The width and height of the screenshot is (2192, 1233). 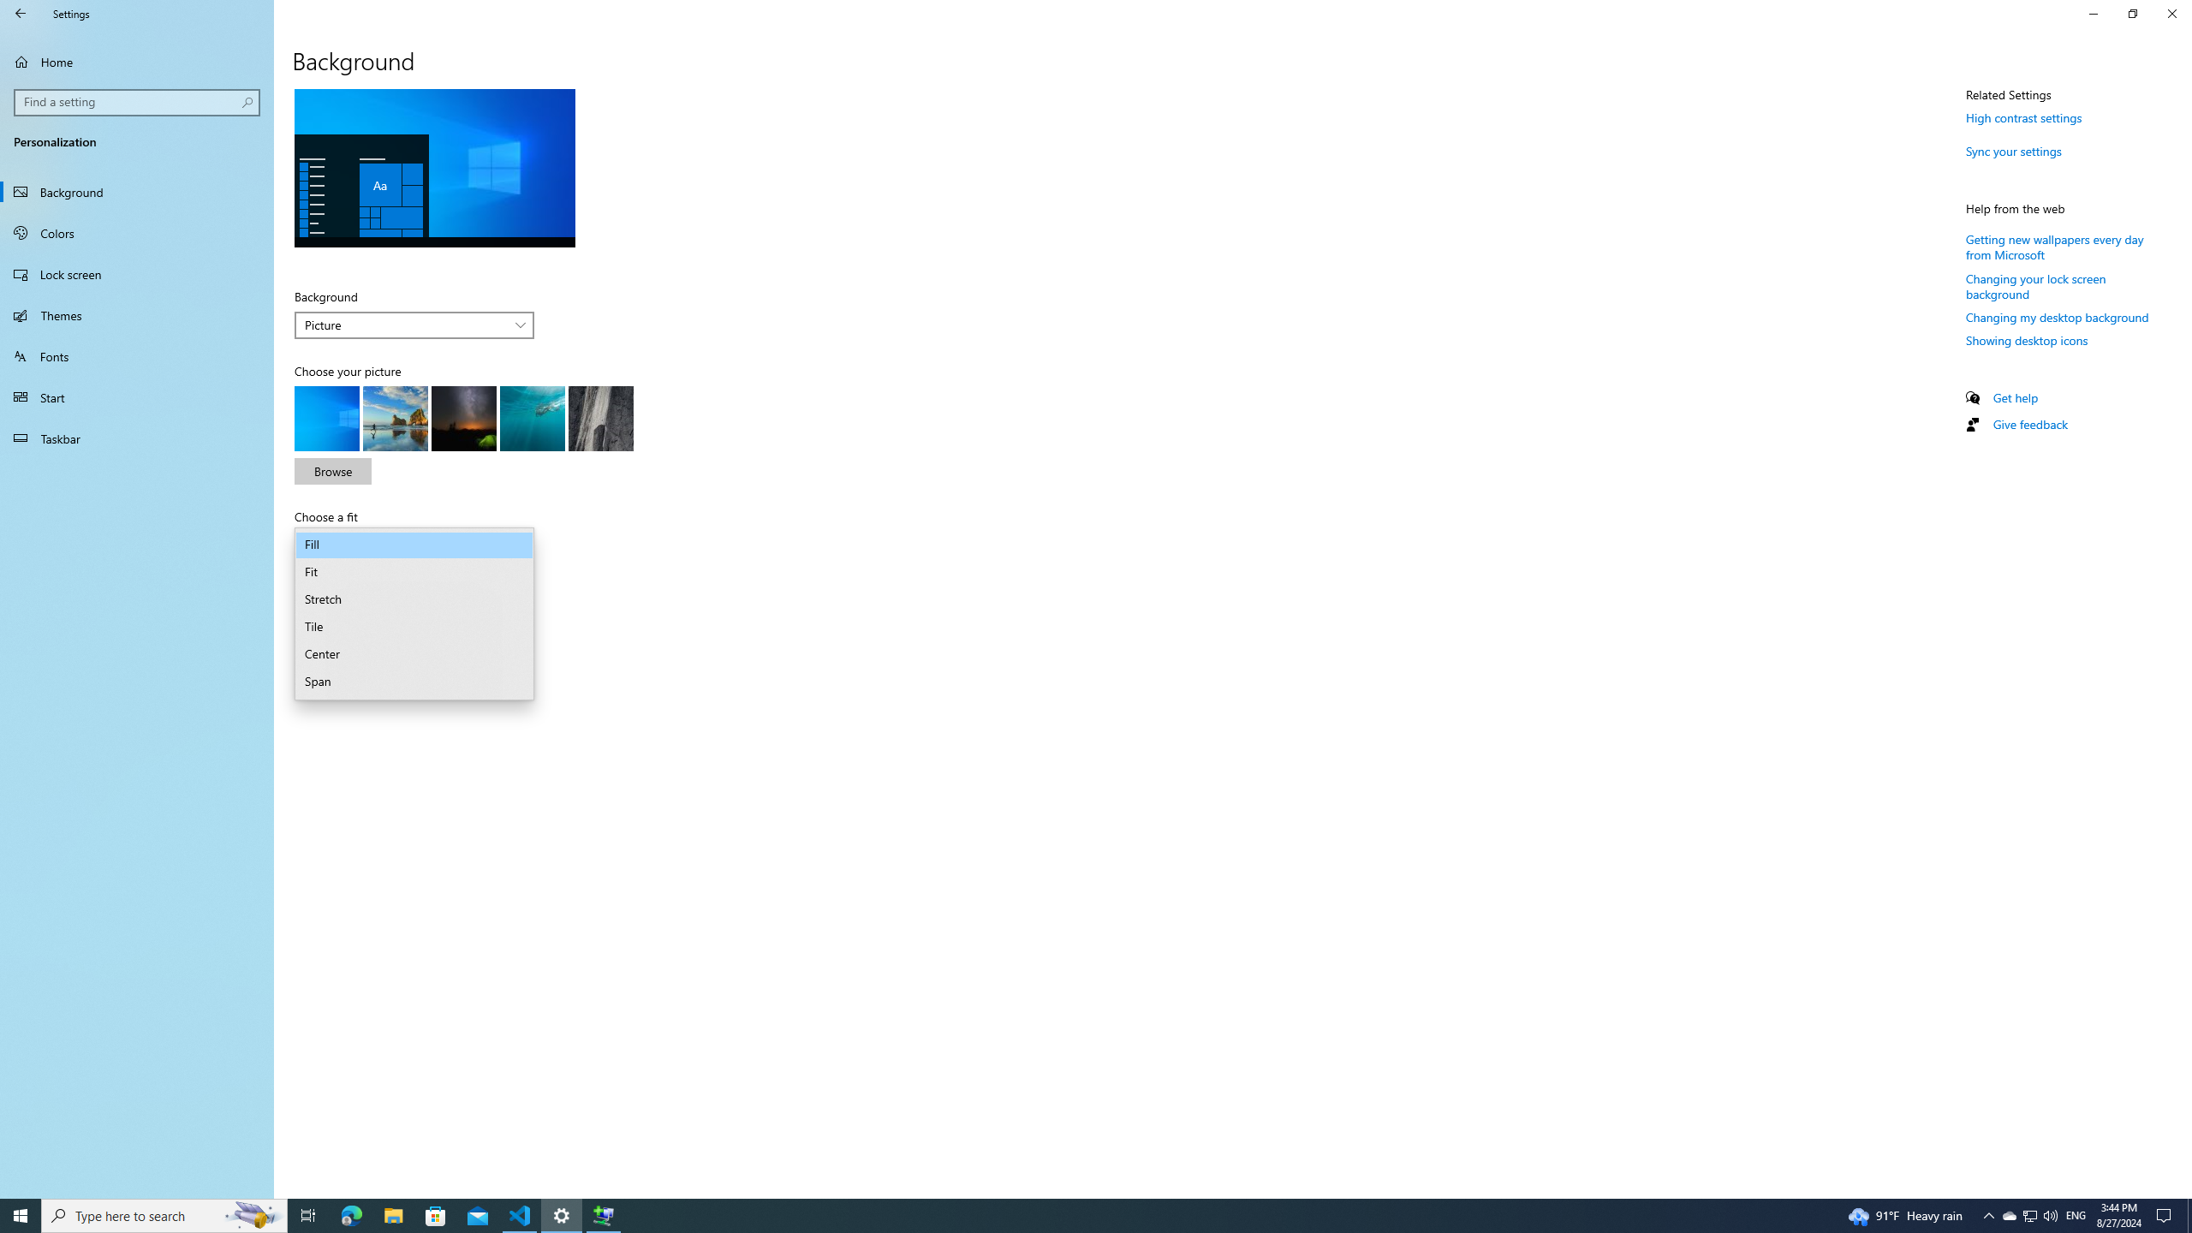 I want to click on 'Changing your lock screen background', so click(x=2035, y=285).